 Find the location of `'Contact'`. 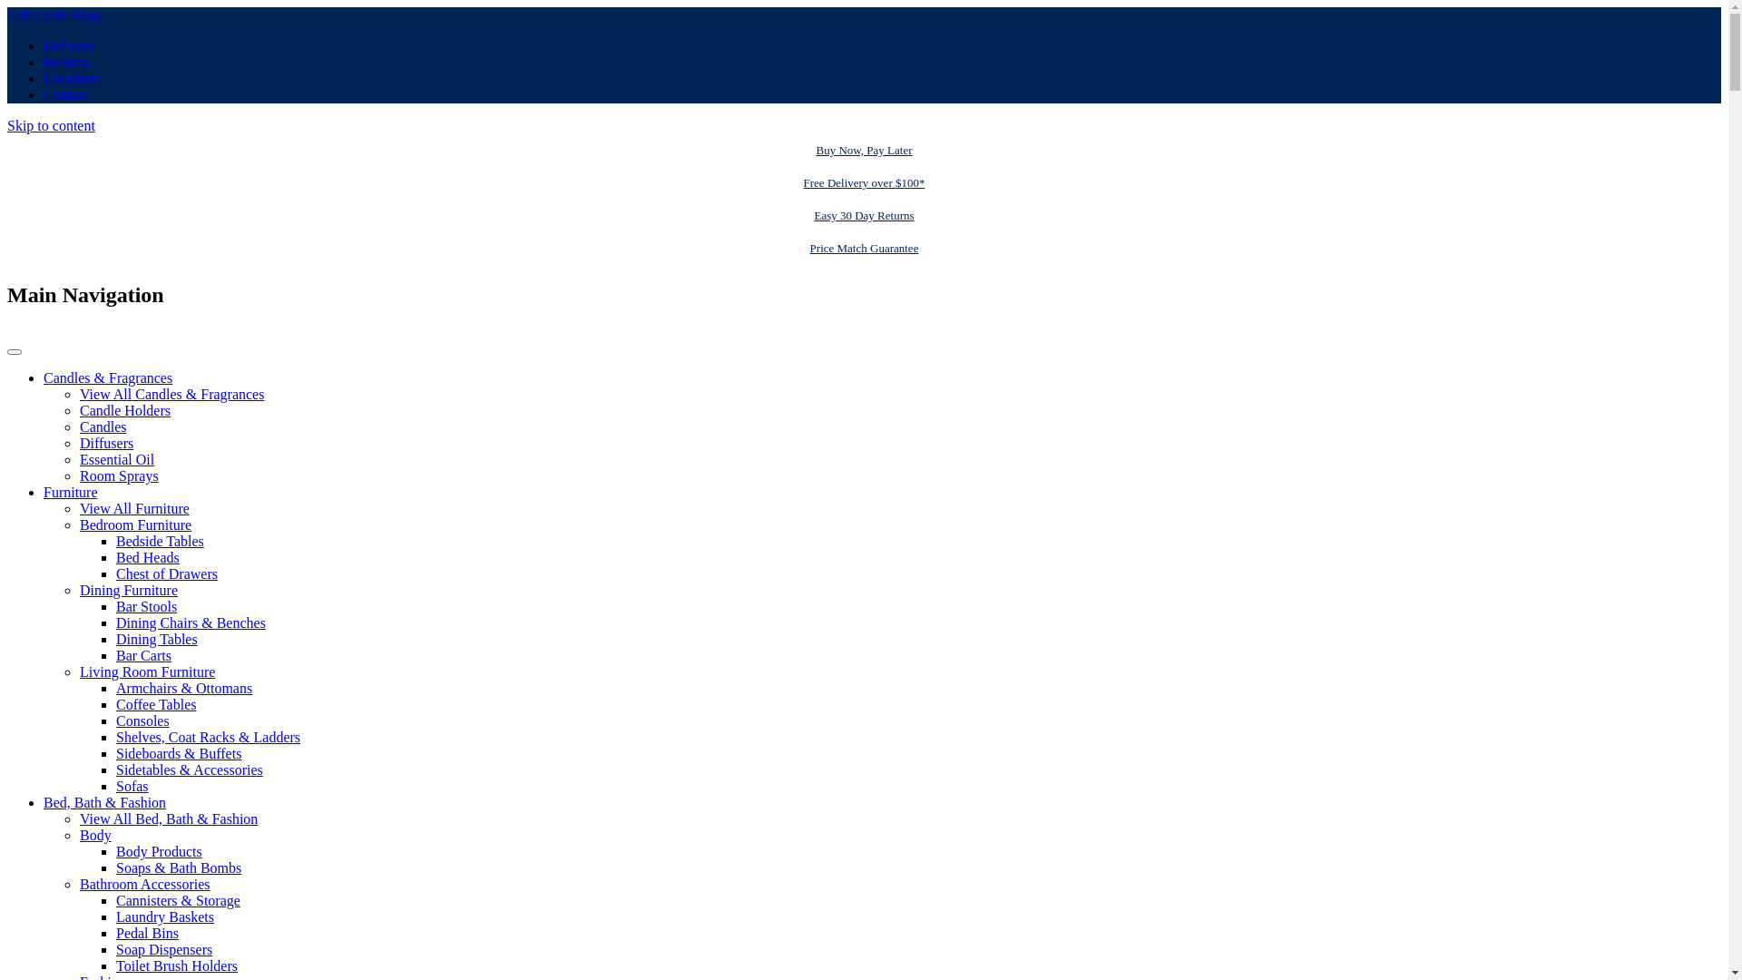

'Contact' is located at coordinates (65, 94).